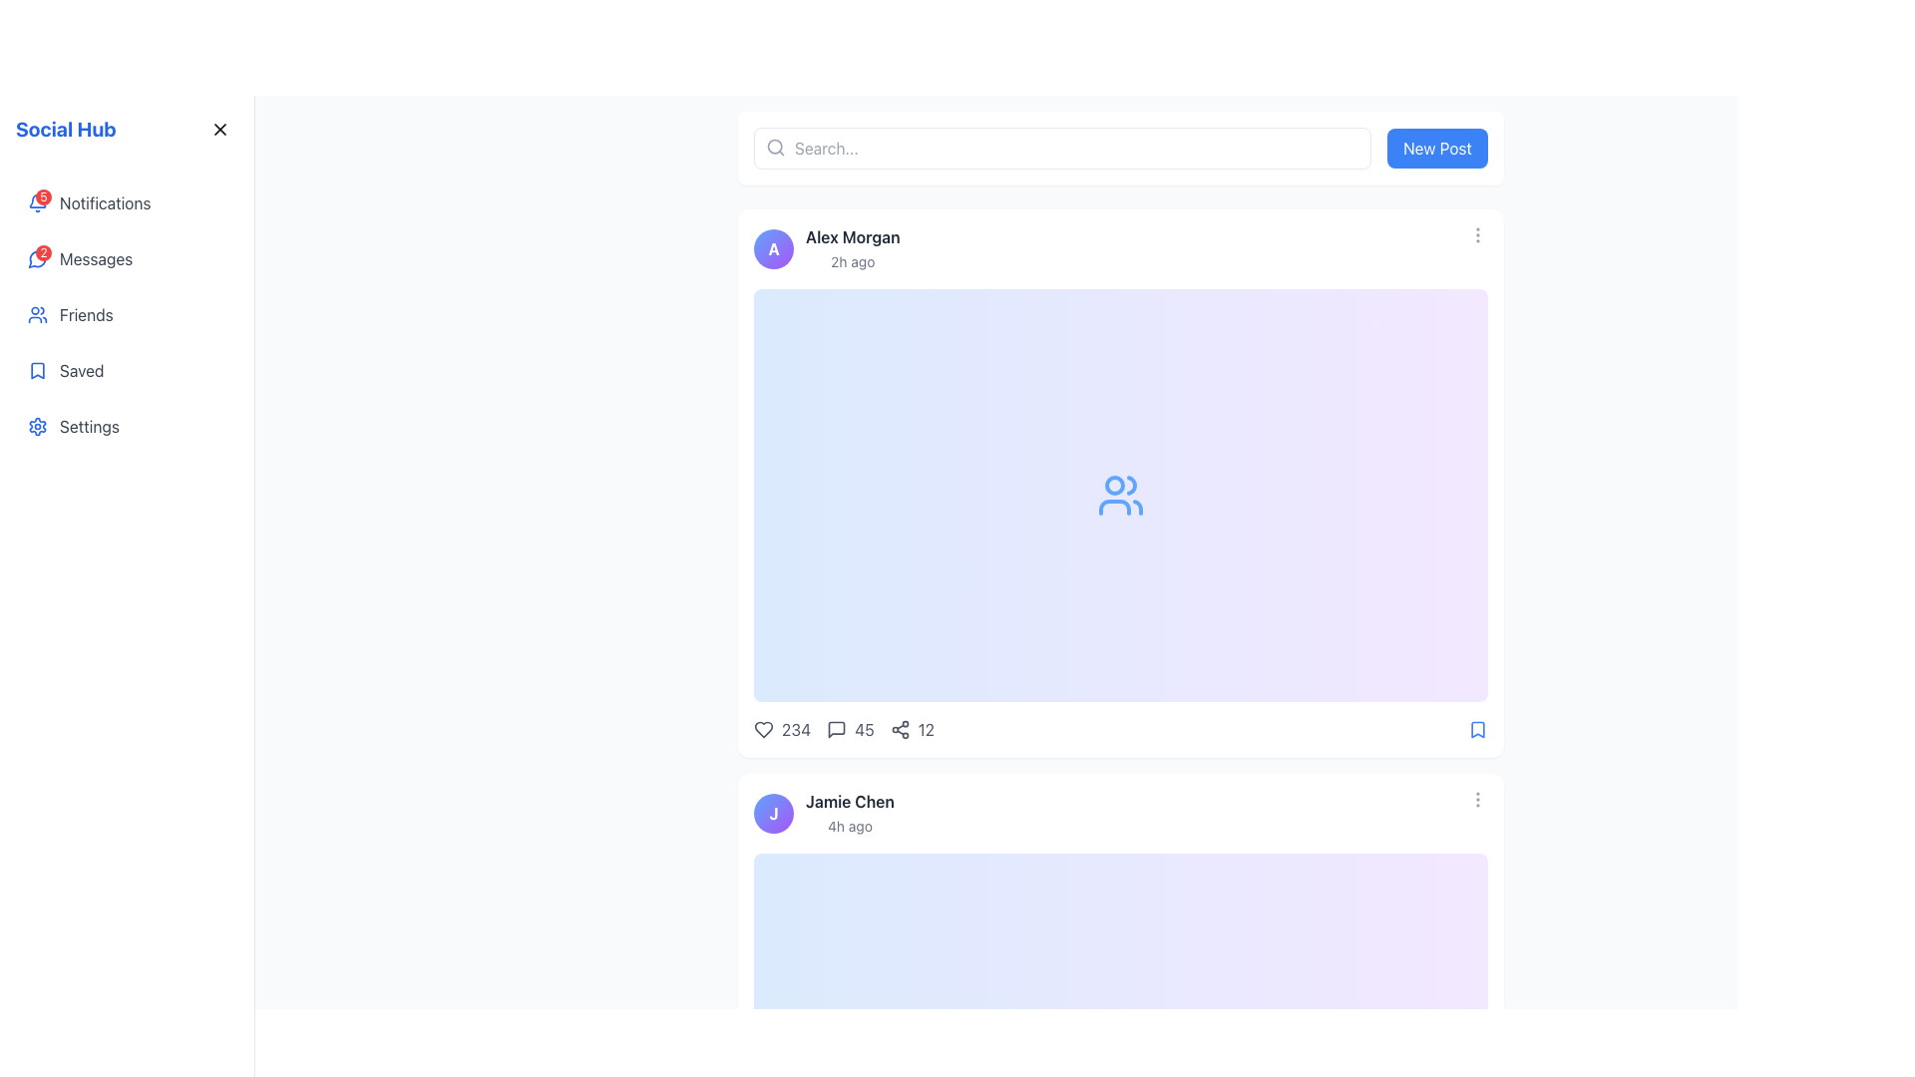 Image resolution: width=1915 pixels, height=1077 pixels. What do you see at coordinates (37, 258) in the screenshot?
I see `the messaging icon in the left-side navigation menu, located below the 'Notifications' icon and above the 'Friends' icon` at bounding box center [37, 258].